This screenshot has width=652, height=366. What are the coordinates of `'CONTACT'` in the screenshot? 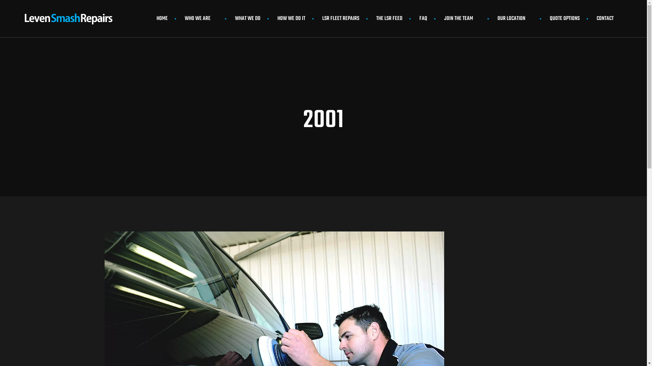 It's located at (605, 18).